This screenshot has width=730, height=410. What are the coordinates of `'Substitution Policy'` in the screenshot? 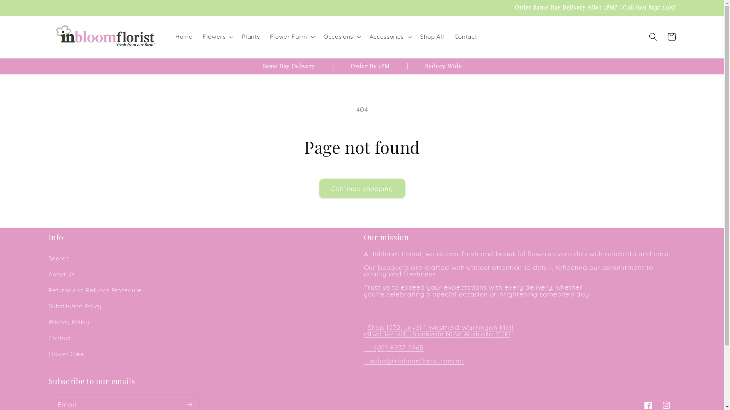 It's located at (75, 306).